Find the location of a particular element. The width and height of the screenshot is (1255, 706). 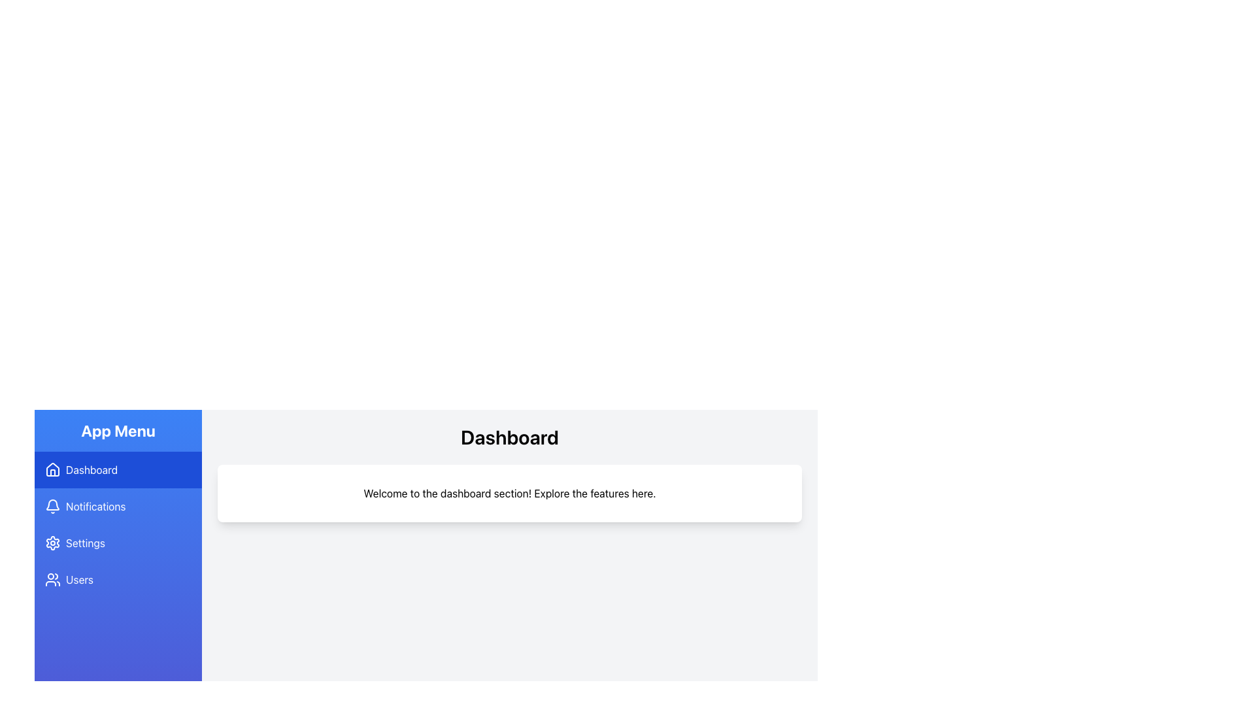

the 'Users' menu entry in the navigation menu, which is the fourth item is located at coordinates (118, 579).